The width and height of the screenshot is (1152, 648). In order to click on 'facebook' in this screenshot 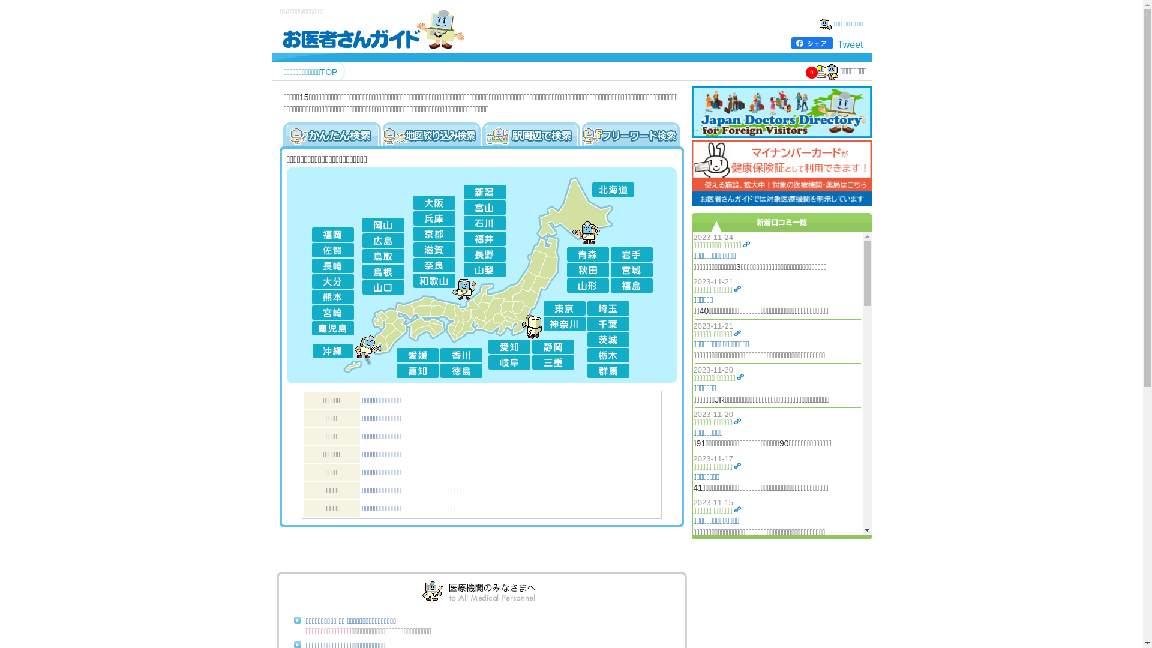, I will do `click(791, 43)`.